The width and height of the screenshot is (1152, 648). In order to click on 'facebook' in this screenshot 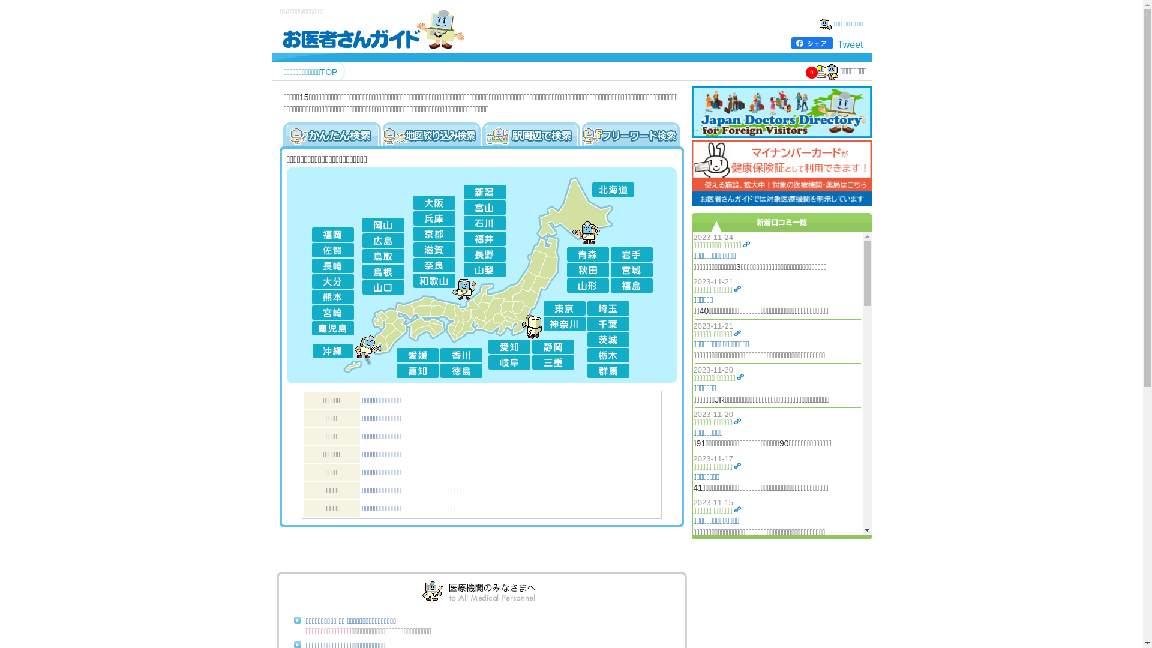, I will do `click(791, 43)`.